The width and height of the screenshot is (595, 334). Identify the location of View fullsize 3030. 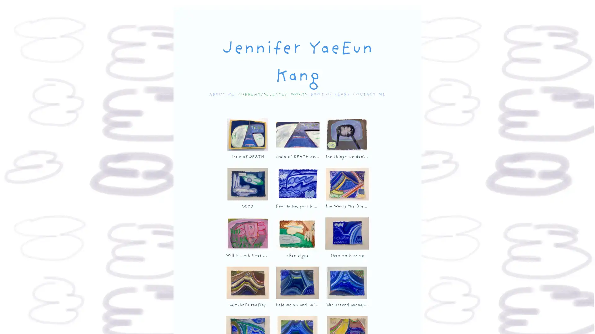
(247, 184).